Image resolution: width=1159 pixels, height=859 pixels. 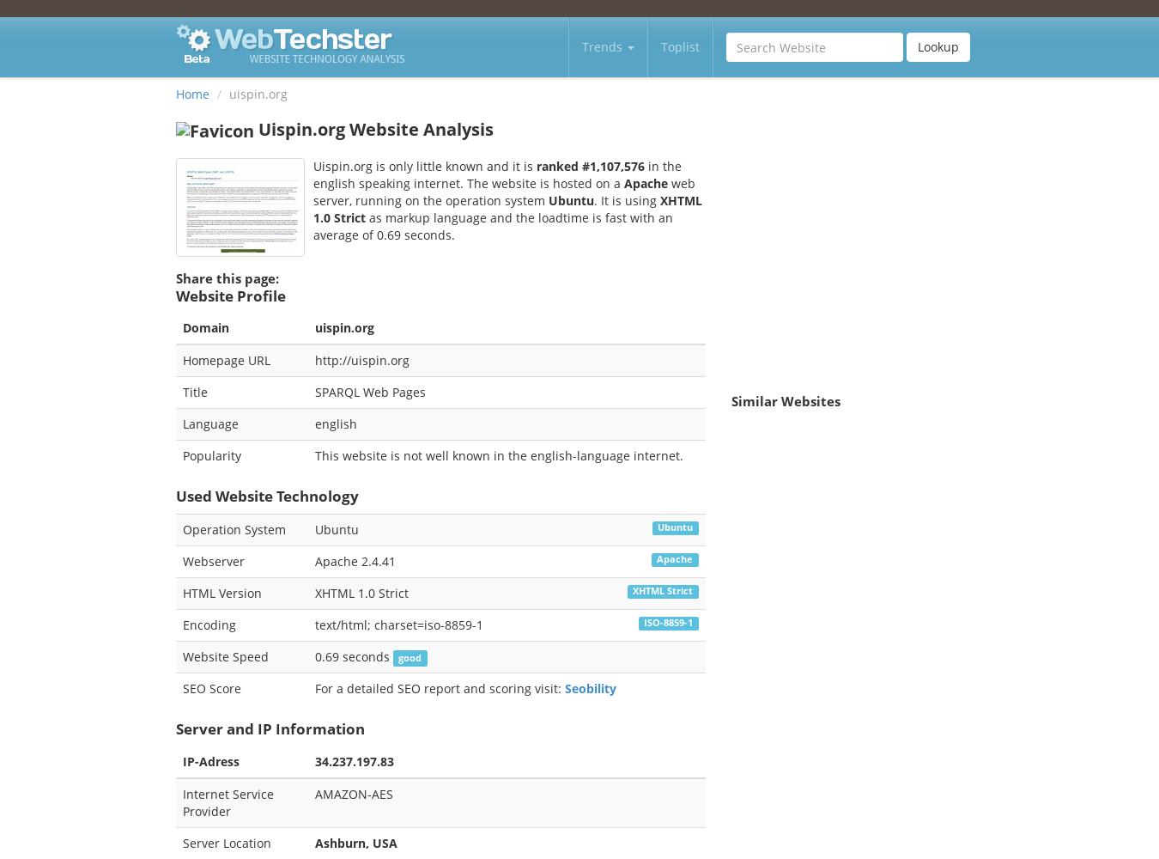 I want to click on 'Server and IP Information', so click(x=176, y=727).